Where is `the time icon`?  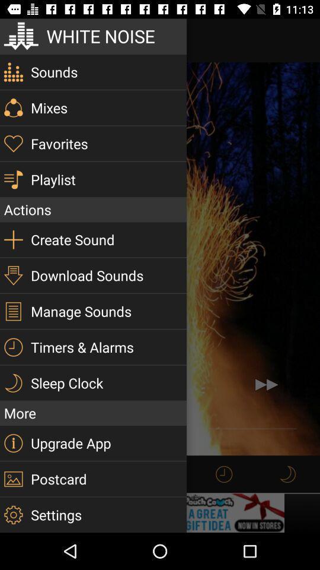
the time icon is located at coordinates (224, 474).